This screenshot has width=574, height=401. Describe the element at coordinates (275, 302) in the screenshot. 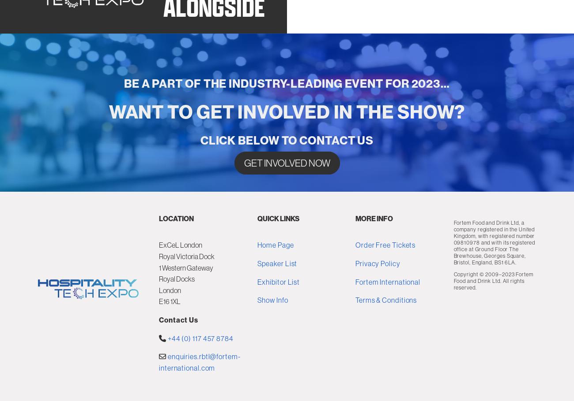

I see `'Home Page'` at that location.